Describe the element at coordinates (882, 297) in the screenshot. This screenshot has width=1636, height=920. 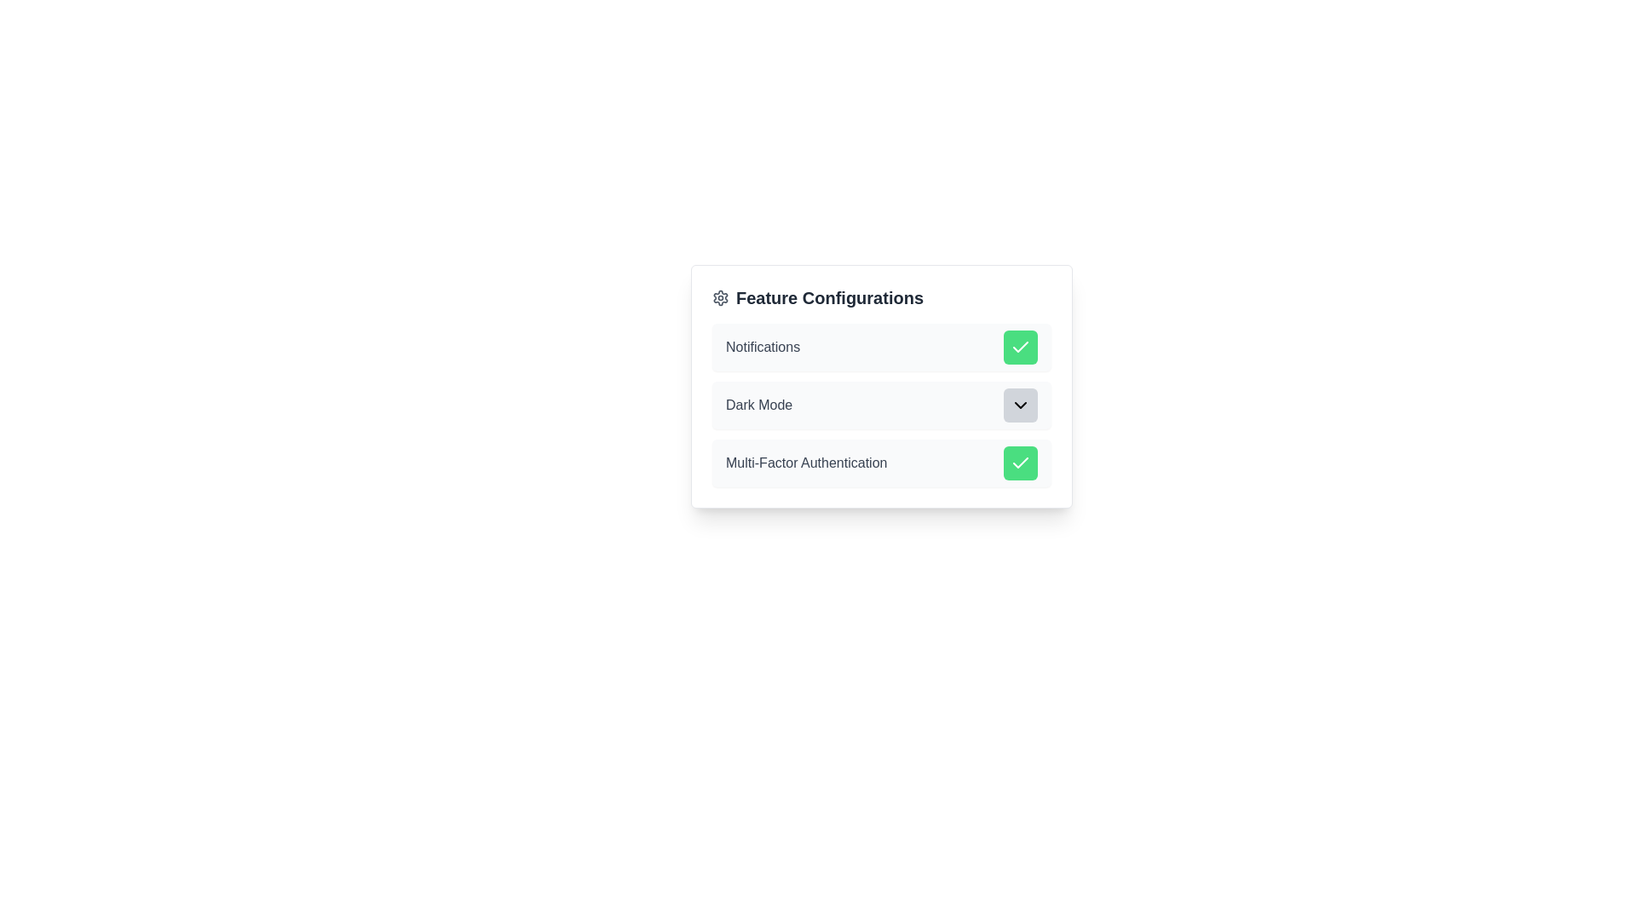
I see `the header element of the configuration section, which is located at the top of a white card with rounded corners and a shadow effect, above options like 'Notifications', 'Dark Mode', and 'Multi-Factor Authentication'` at that location.